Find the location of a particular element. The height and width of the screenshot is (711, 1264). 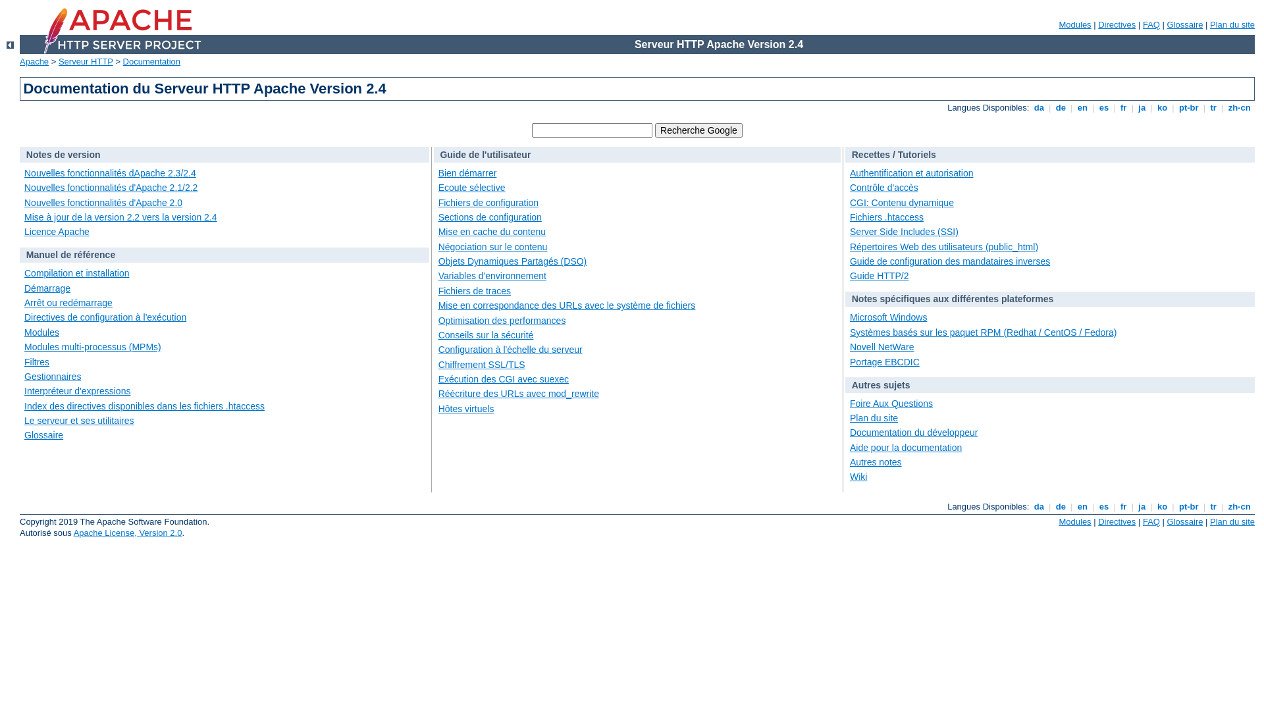

' zh-cn ' is located at coordinates (1238, 107).